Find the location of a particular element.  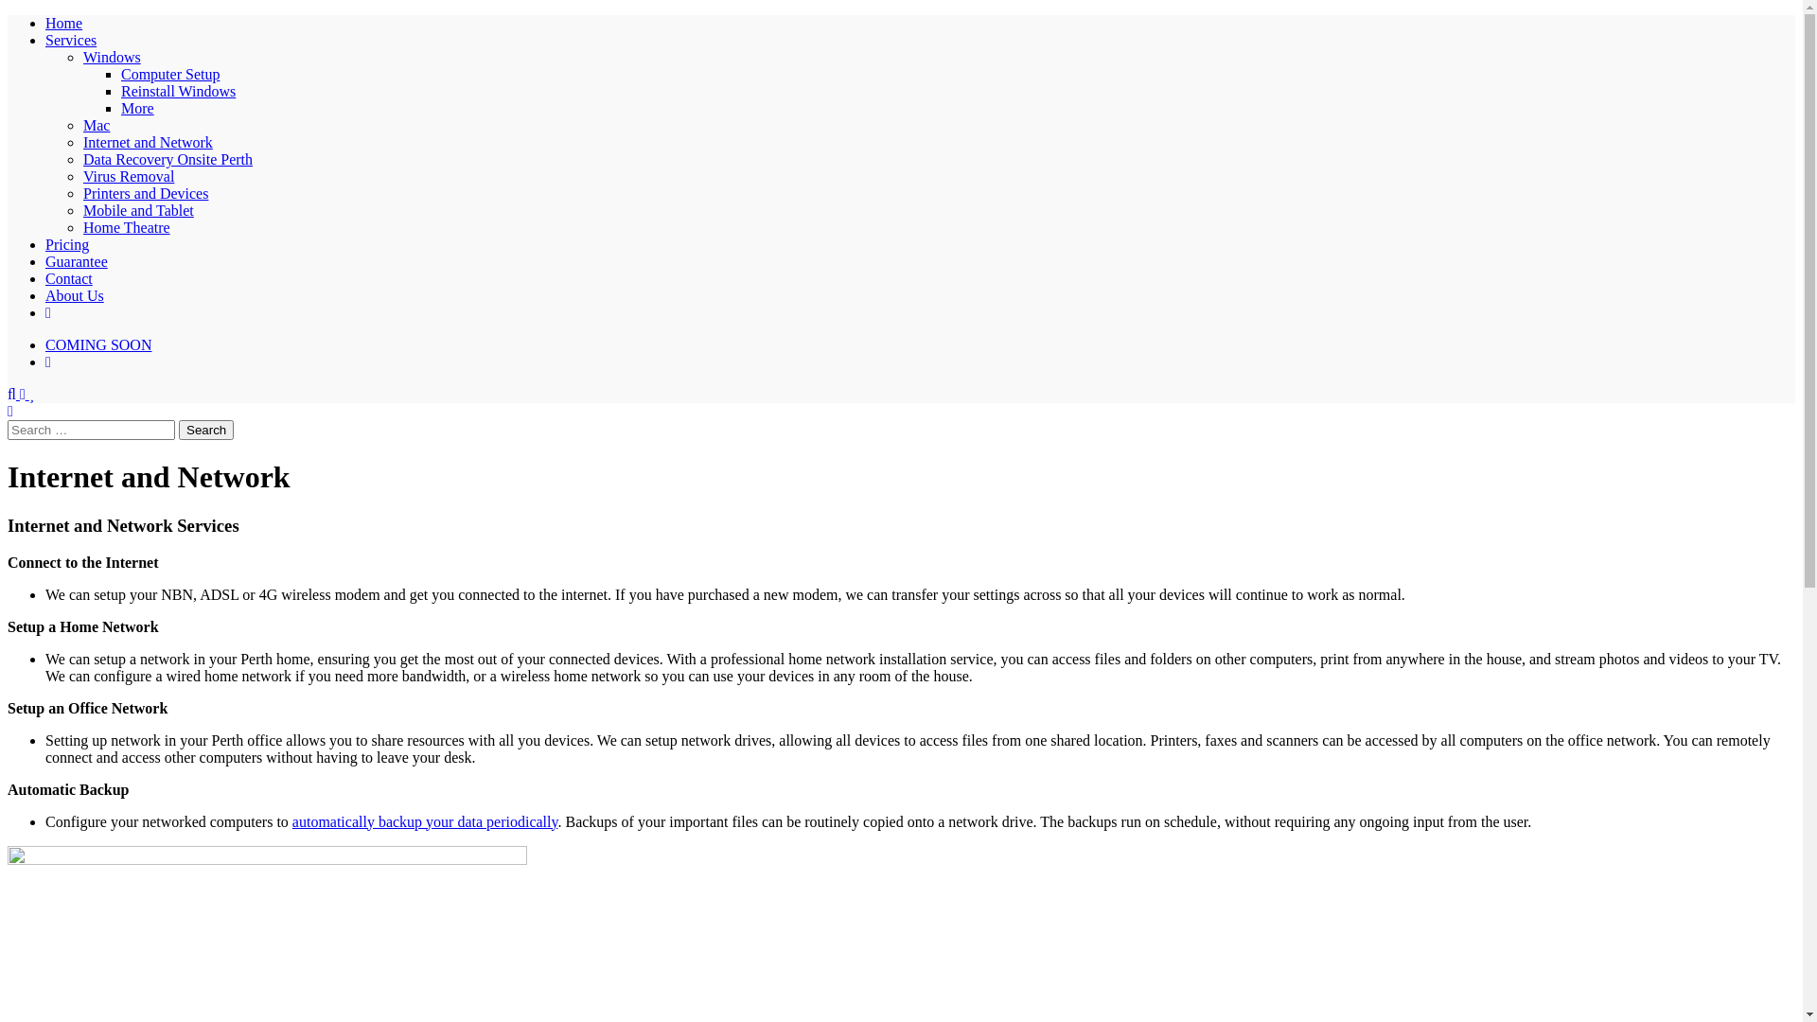

'Pricing' is located at coordinates (67, 243).